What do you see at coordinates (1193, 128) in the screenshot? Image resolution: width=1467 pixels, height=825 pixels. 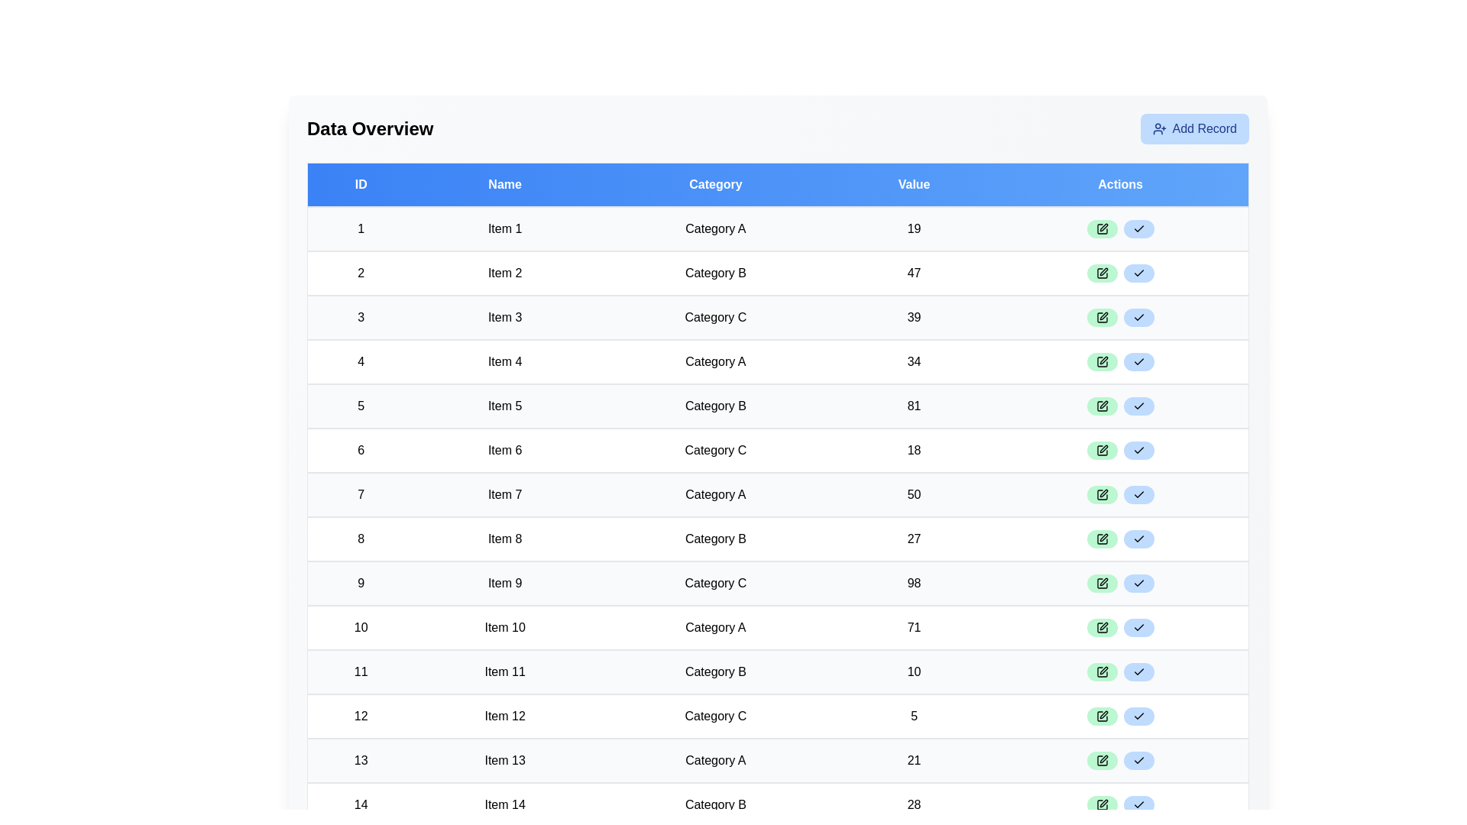 I see `the 'Add Record' button to add a new record` at bounding box center [1193, 128].